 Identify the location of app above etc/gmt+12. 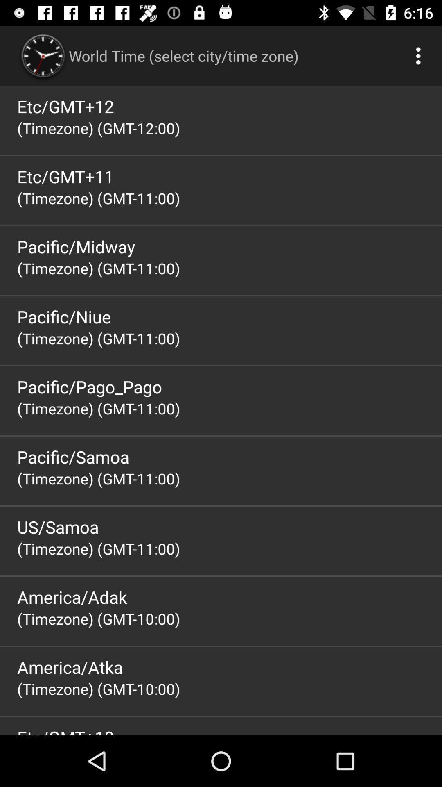
(420, 55).